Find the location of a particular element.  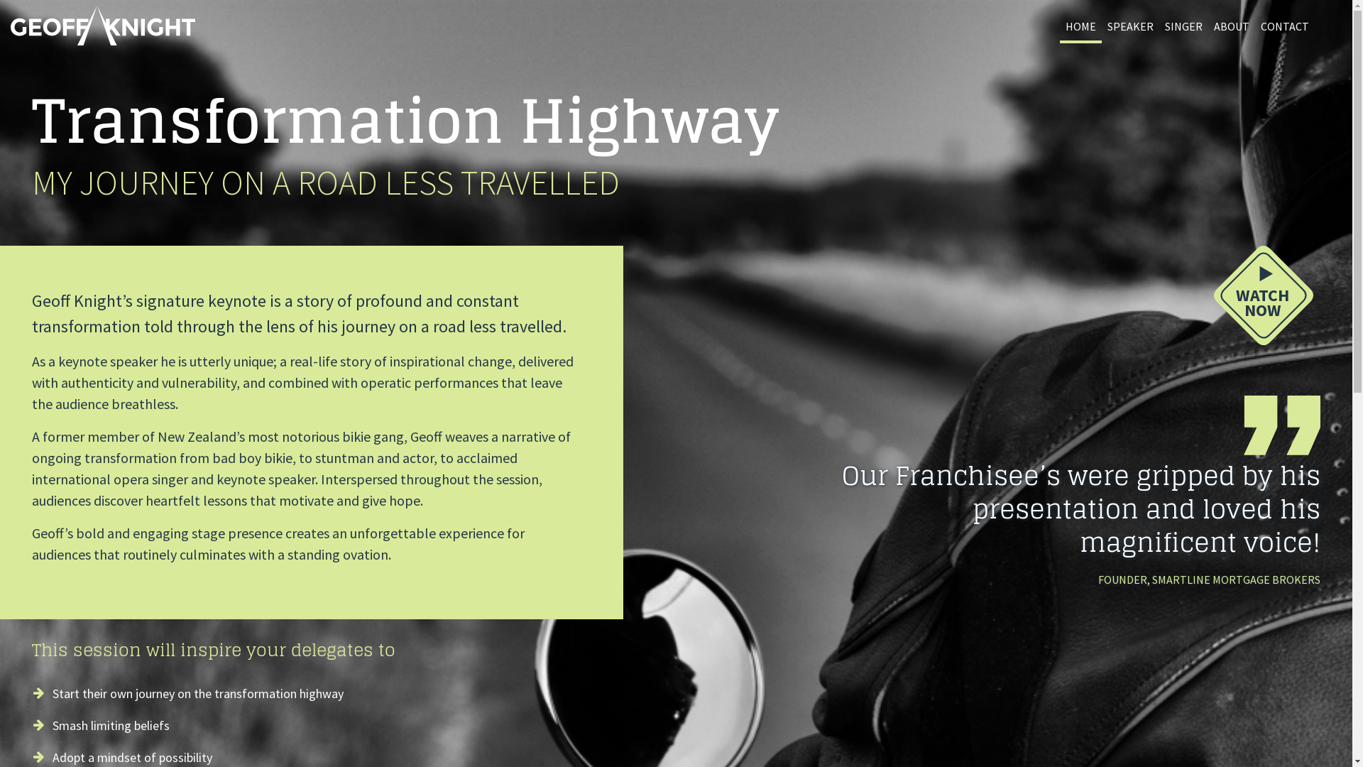

'WATCH is located at coordinates (1264, 298).